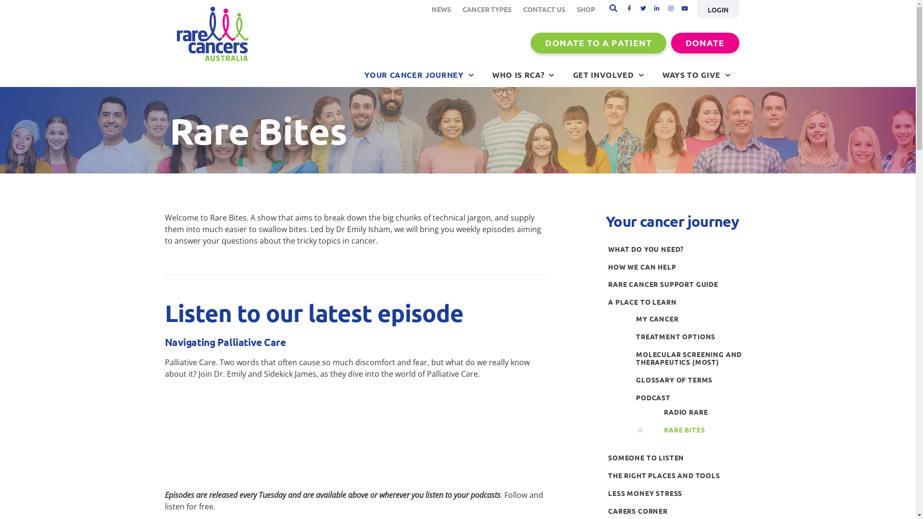 The image size is (923, 519). Describe the element at coordinates (675, 248) in the screenshot. I see `'WHAT DO YOU NEED?'` at that location.